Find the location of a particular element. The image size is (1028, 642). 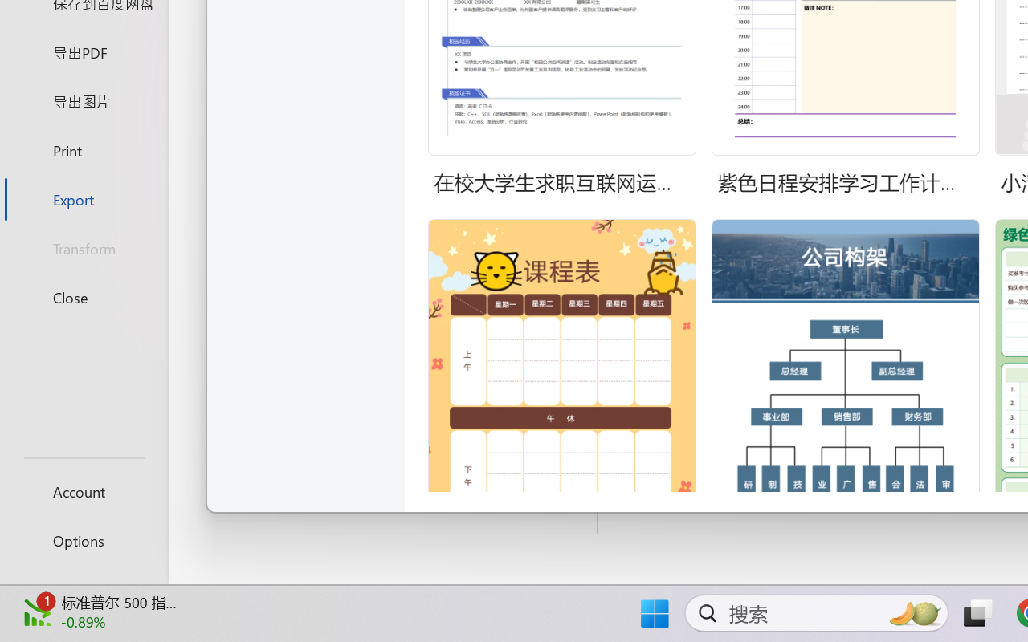

'Export' is located at coordinates (83, 198).